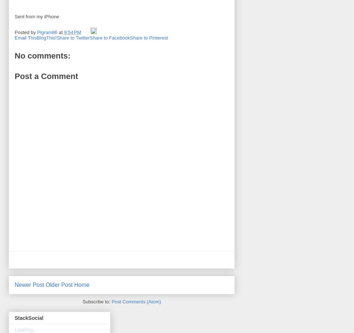 Image resolution: width=354 pixels, height=333 pixels. I want to click on 'Email This', so click(25, 38).